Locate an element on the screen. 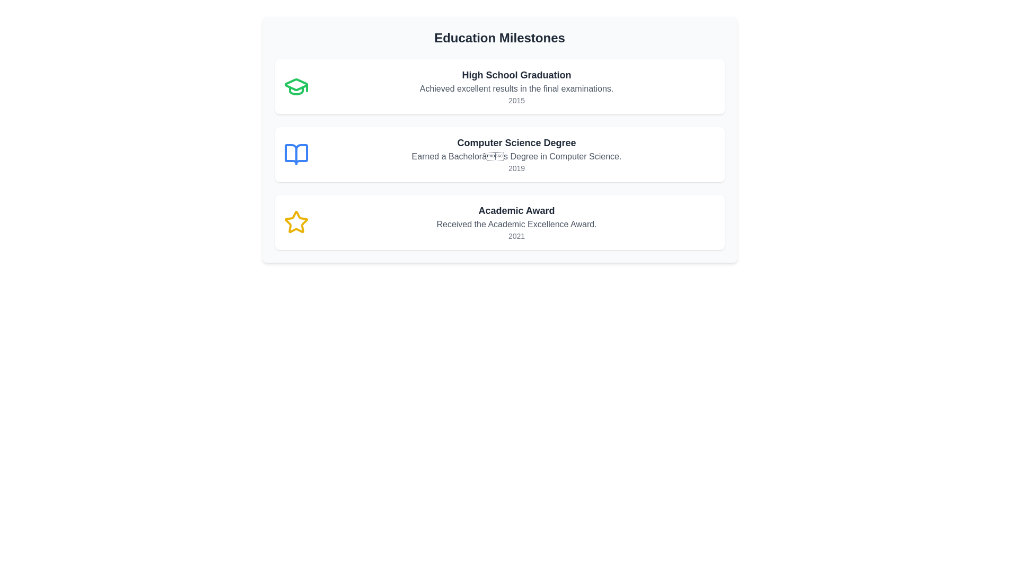 The image size is (1018, 572). the Informational Card displaying an educational achievement, which is the third card in a vertical list of similar cards is located at coordinates (499, 222).